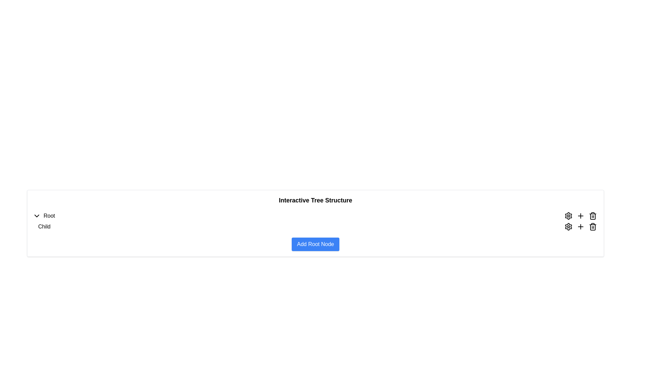 Image resolution: width=649 pixels, height=365 pixels. What do you see at coordinates (592, 227) in the screenshot?
I see `the vertical rectangle element that represents the body of the trash can icon, located beneath the rim of the trash can` at bounding box center [592, 227].